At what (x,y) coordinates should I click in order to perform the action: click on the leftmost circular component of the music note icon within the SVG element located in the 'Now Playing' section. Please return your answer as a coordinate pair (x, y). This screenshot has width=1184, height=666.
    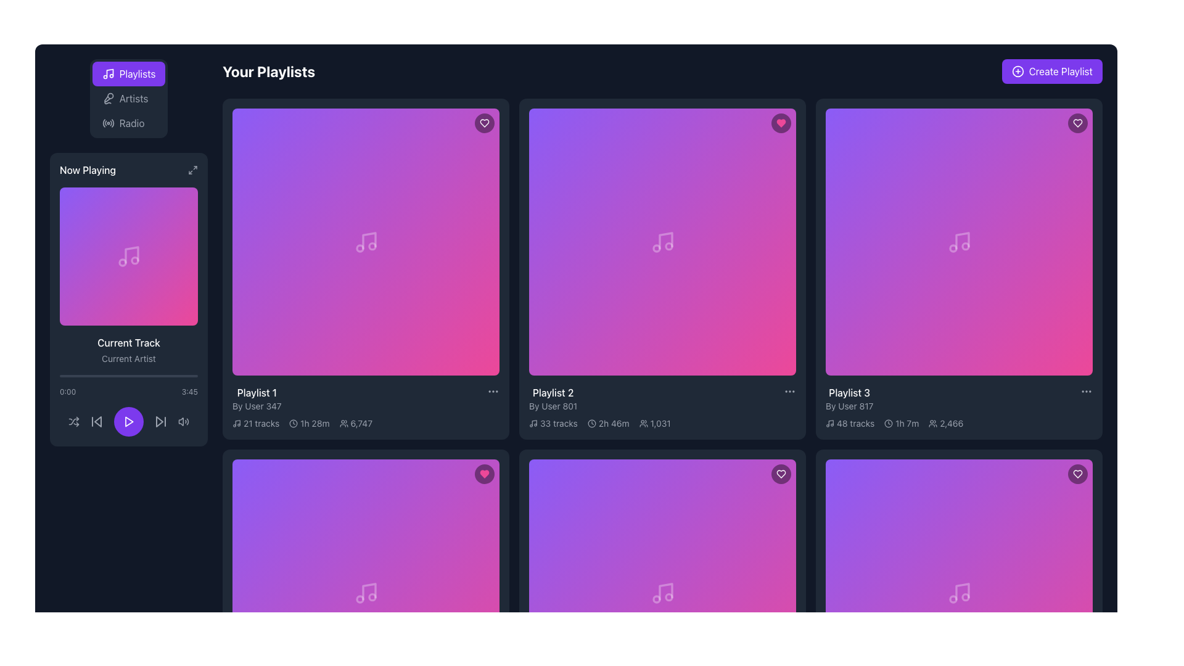
    Looking at the image, I should click on (122, 261).